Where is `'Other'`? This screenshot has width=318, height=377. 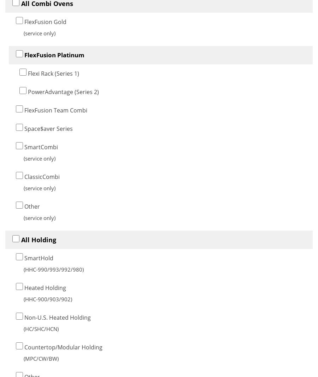
'Other' is located at coordinates (22, 205).